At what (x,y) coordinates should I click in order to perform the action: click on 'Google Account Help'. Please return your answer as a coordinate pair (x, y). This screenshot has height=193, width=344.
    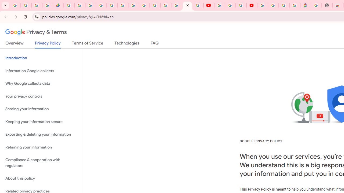
    Looking at the image, I should click on (230, 5).